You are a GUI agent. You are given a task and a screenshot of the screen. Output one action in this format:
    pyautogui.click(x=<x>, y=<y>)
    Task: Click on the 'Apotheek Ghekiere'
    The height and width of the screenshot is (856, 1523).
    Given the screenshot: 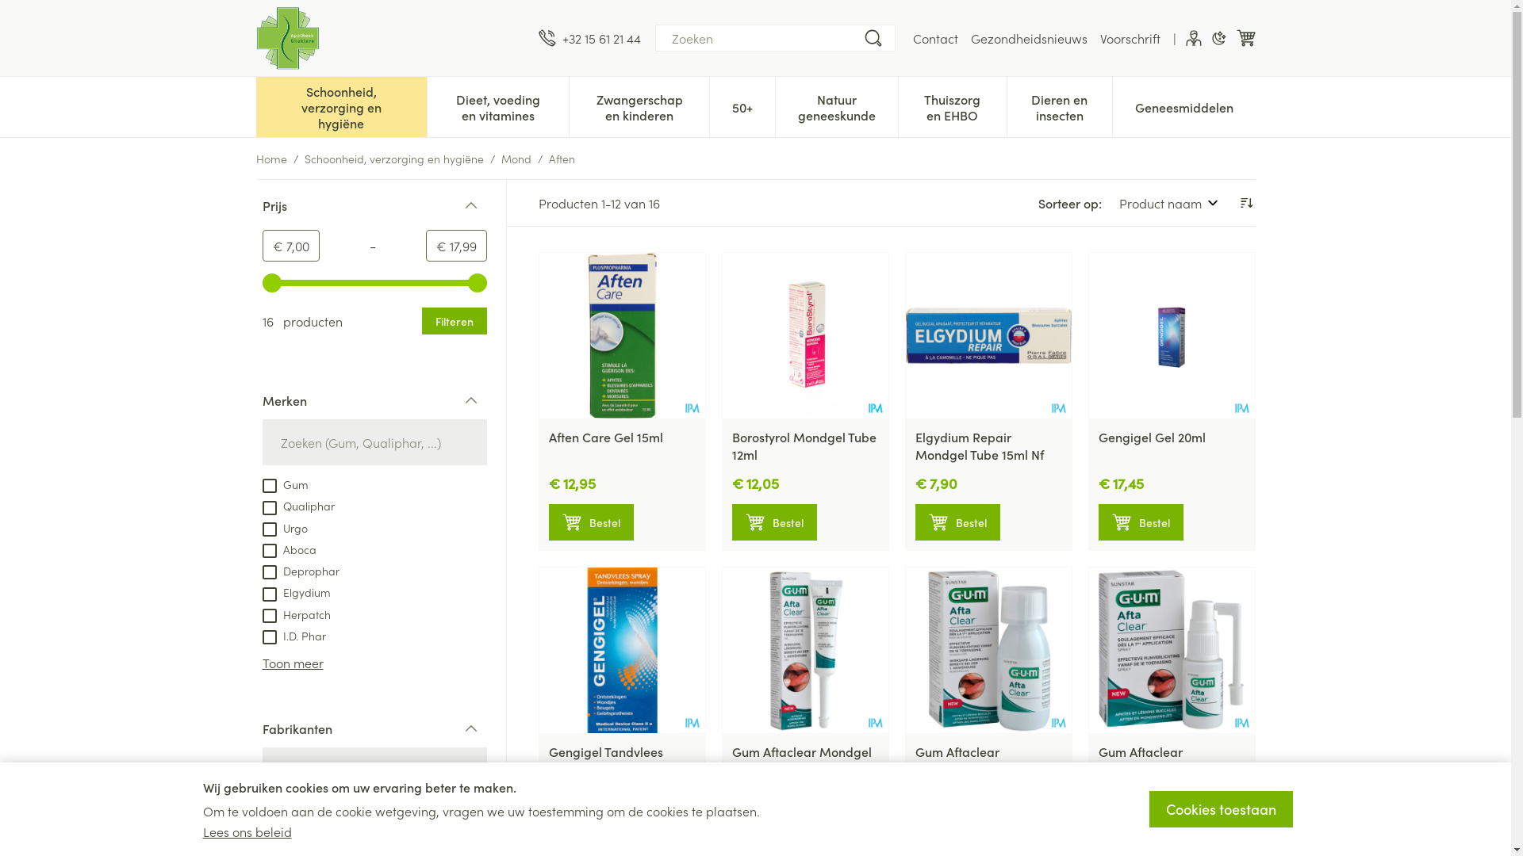 What is the action you would take?
    pyautogui.click(x=255, y=36)
    